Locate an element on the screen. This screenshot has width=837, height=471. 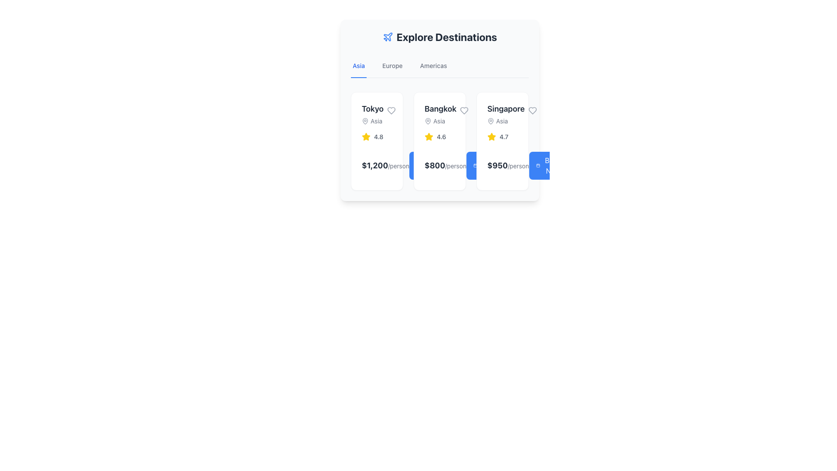
the map pin icon representing Singapore, located above the Asia text and beside the Singapore destination title in the Explore Destinations section is located at coordinates (491, 121).